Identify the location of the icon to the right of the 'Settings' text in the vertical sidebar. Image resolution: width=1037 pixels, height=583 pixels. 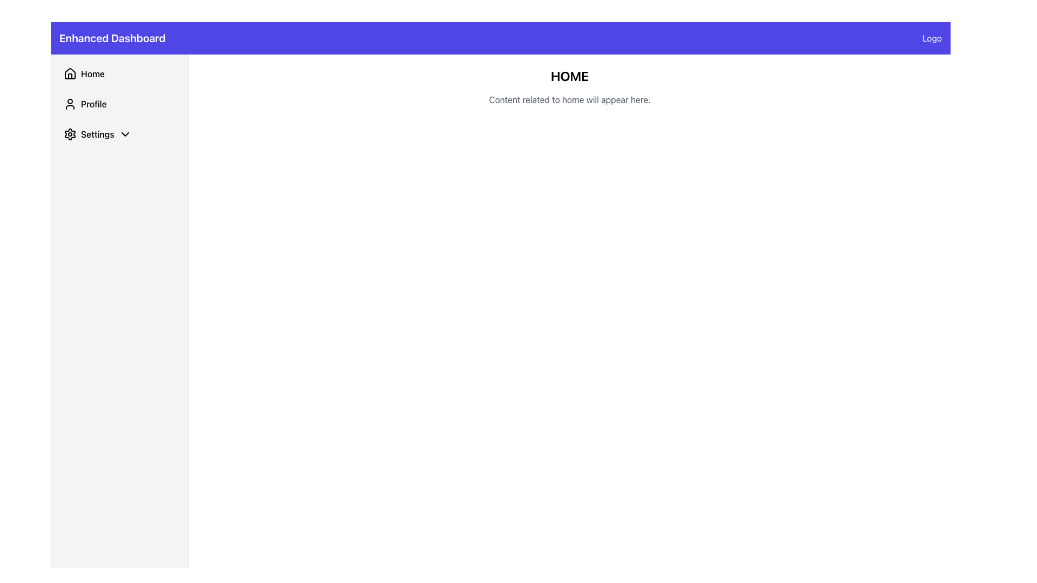
(125, 134).